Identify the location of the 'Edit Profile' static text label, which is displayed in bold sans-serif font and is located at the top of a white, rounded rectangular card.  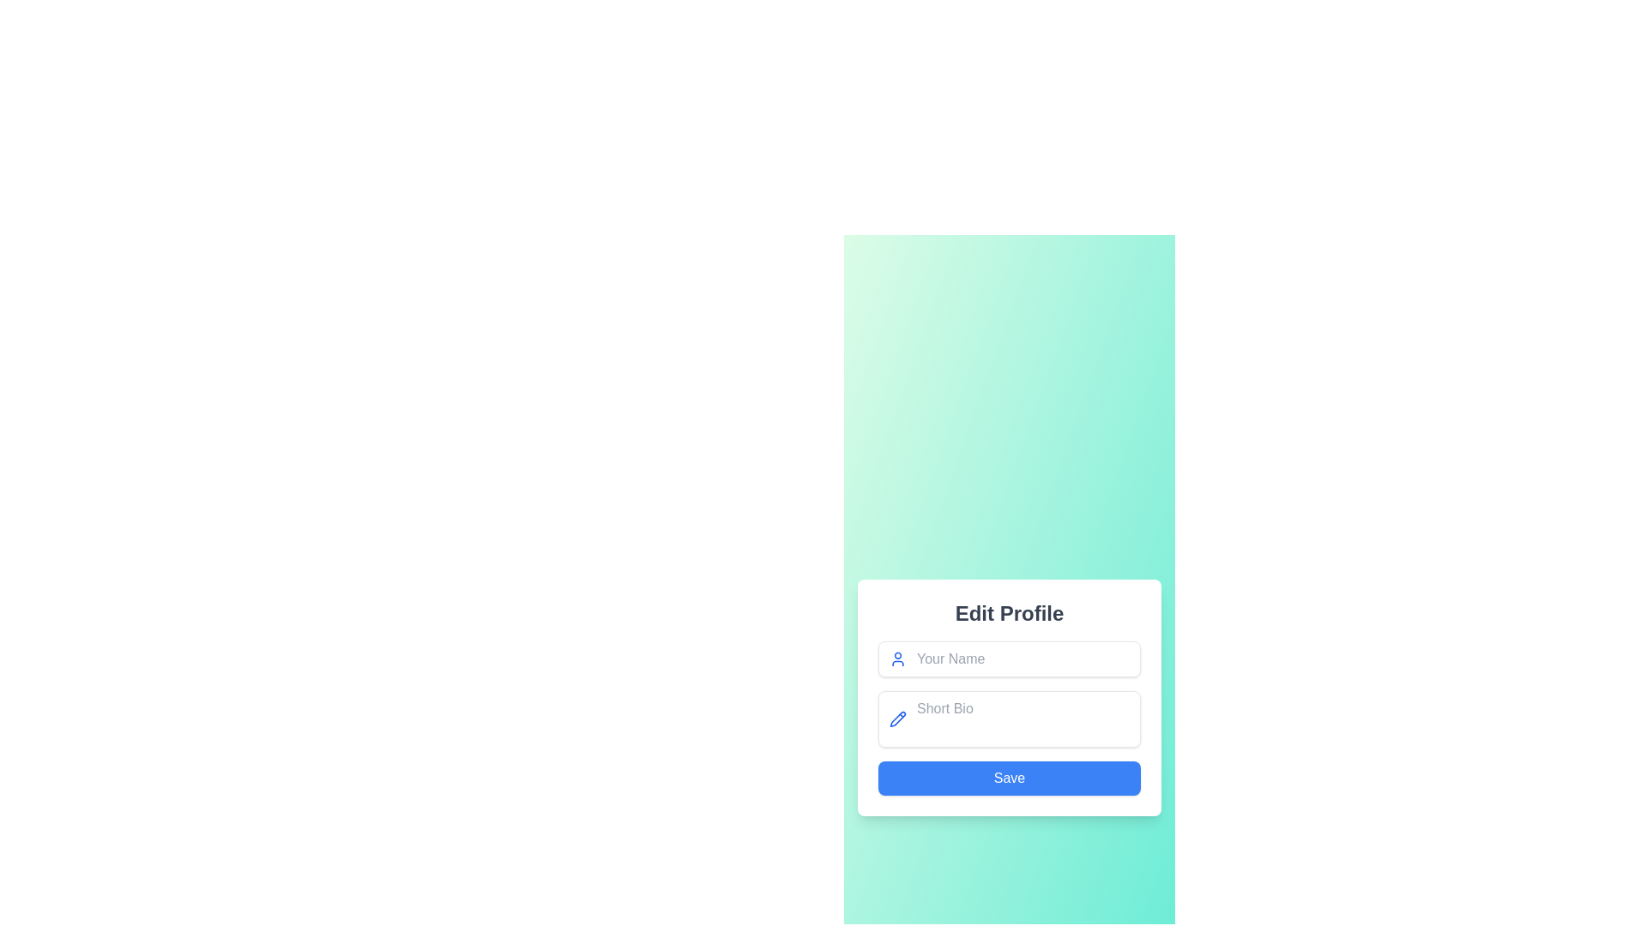
(1009, 613).